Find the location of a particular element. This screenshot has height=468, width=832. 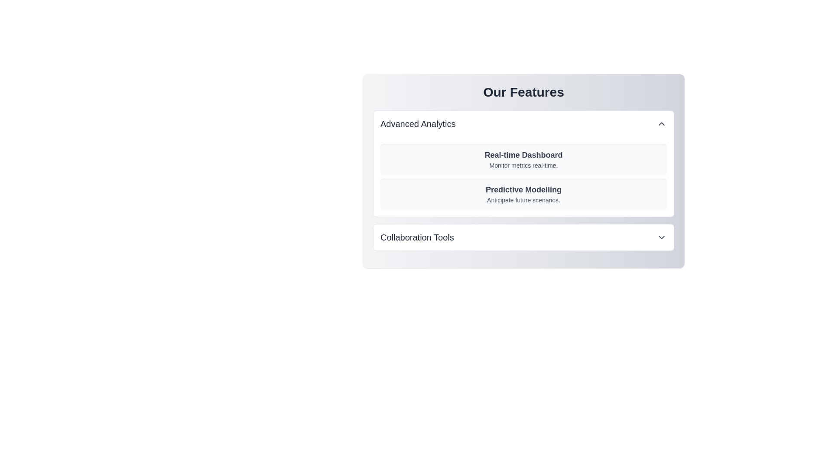

the 'Predictive Modelling' text label, which is styled in bold and larger font, located centrally within its rounded panel above the description text is located at coordinates (523, 189).